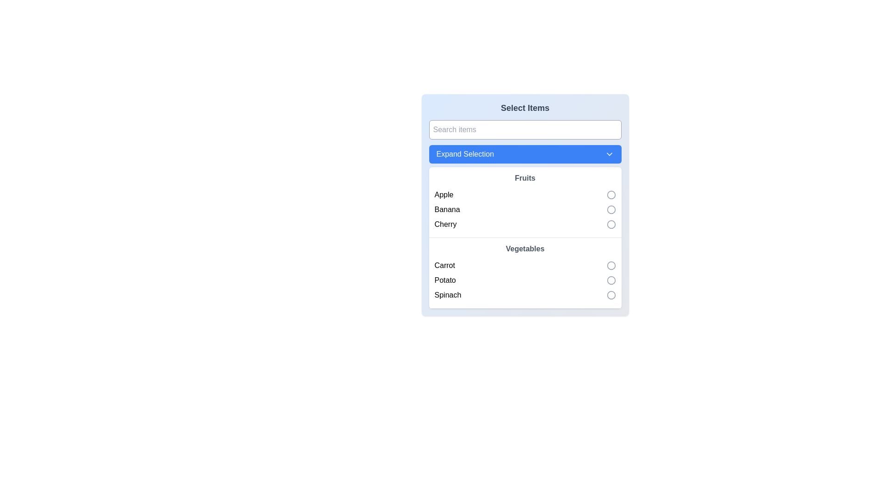 The height and width of the screenshot is (499, 888). I want to click on the radio button next to the label 'Carrot' in the 'Vegetables' section, so click(611, 265).